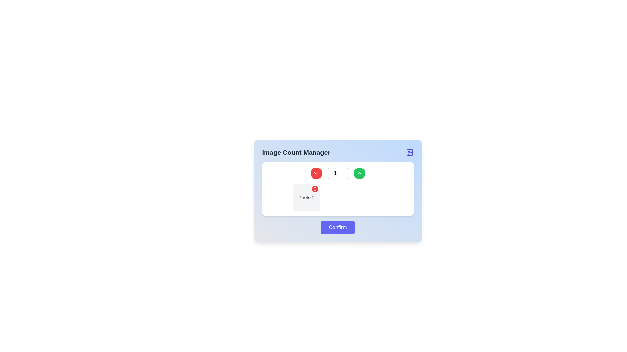 The width and height of the screenshot is (627, 352). Describe the element at coordinates (315, 189) in the screenshot. I see `the delete icon located at the top-right corner of the photo thumbnail associated with 'Photo 1'` at that location.